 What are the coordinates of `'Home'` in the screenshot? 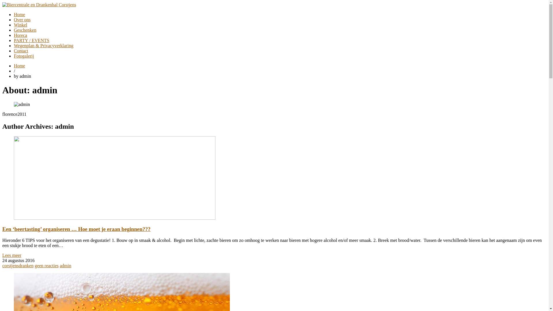 It's located at (19, 14).